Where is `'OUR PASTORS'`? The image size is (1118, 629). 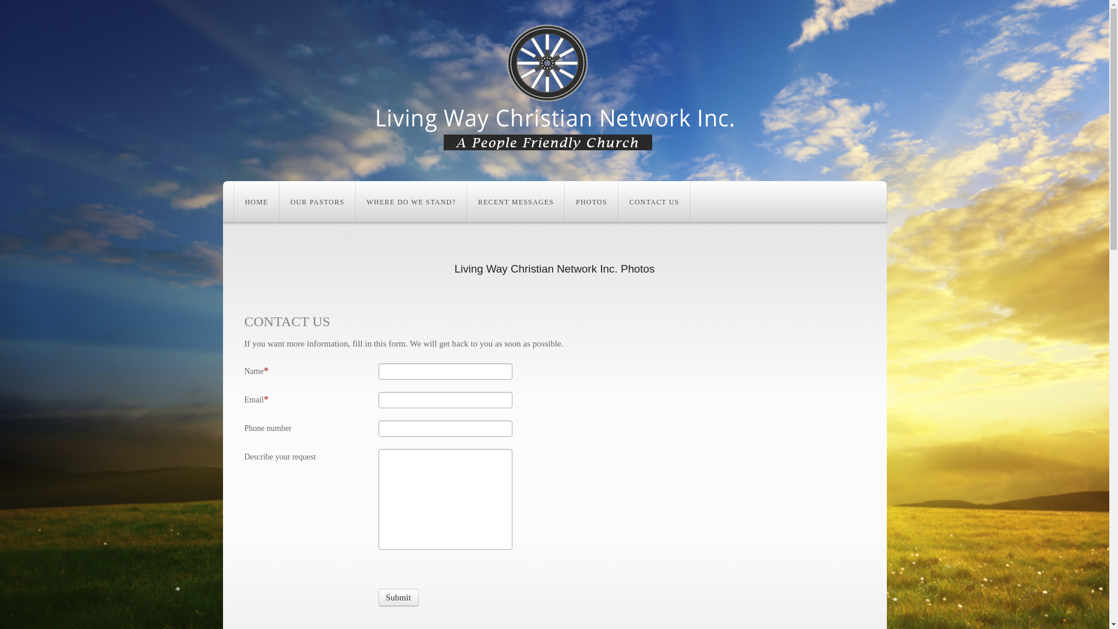 'OUR PASTORS' is located at coordinates (317, 201).